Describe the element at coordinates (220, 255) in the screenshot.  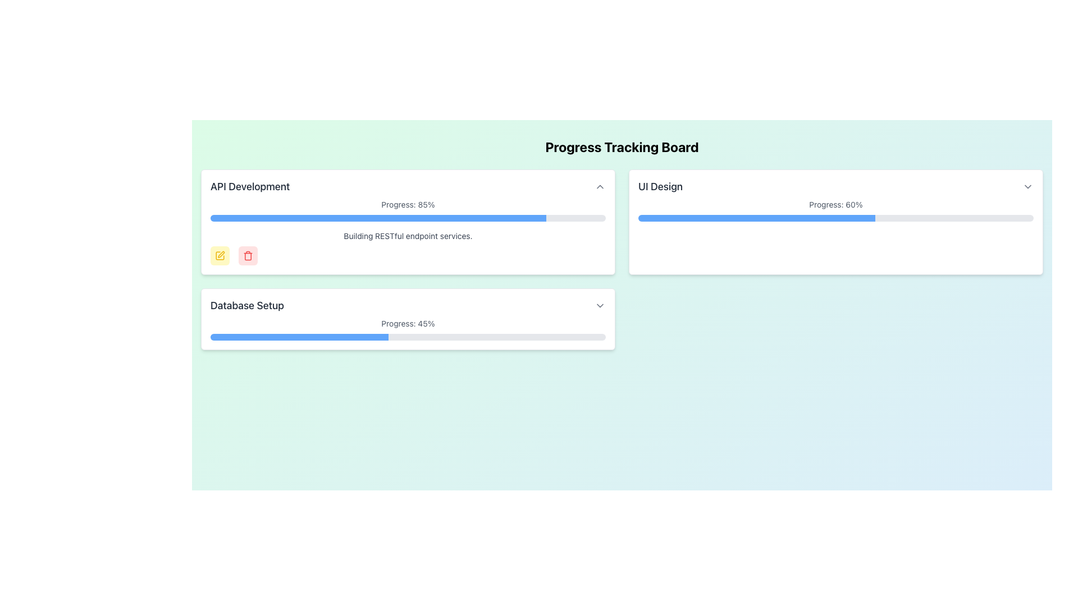
I see `the first button in the group beneath the 'API Development' card` at that location.